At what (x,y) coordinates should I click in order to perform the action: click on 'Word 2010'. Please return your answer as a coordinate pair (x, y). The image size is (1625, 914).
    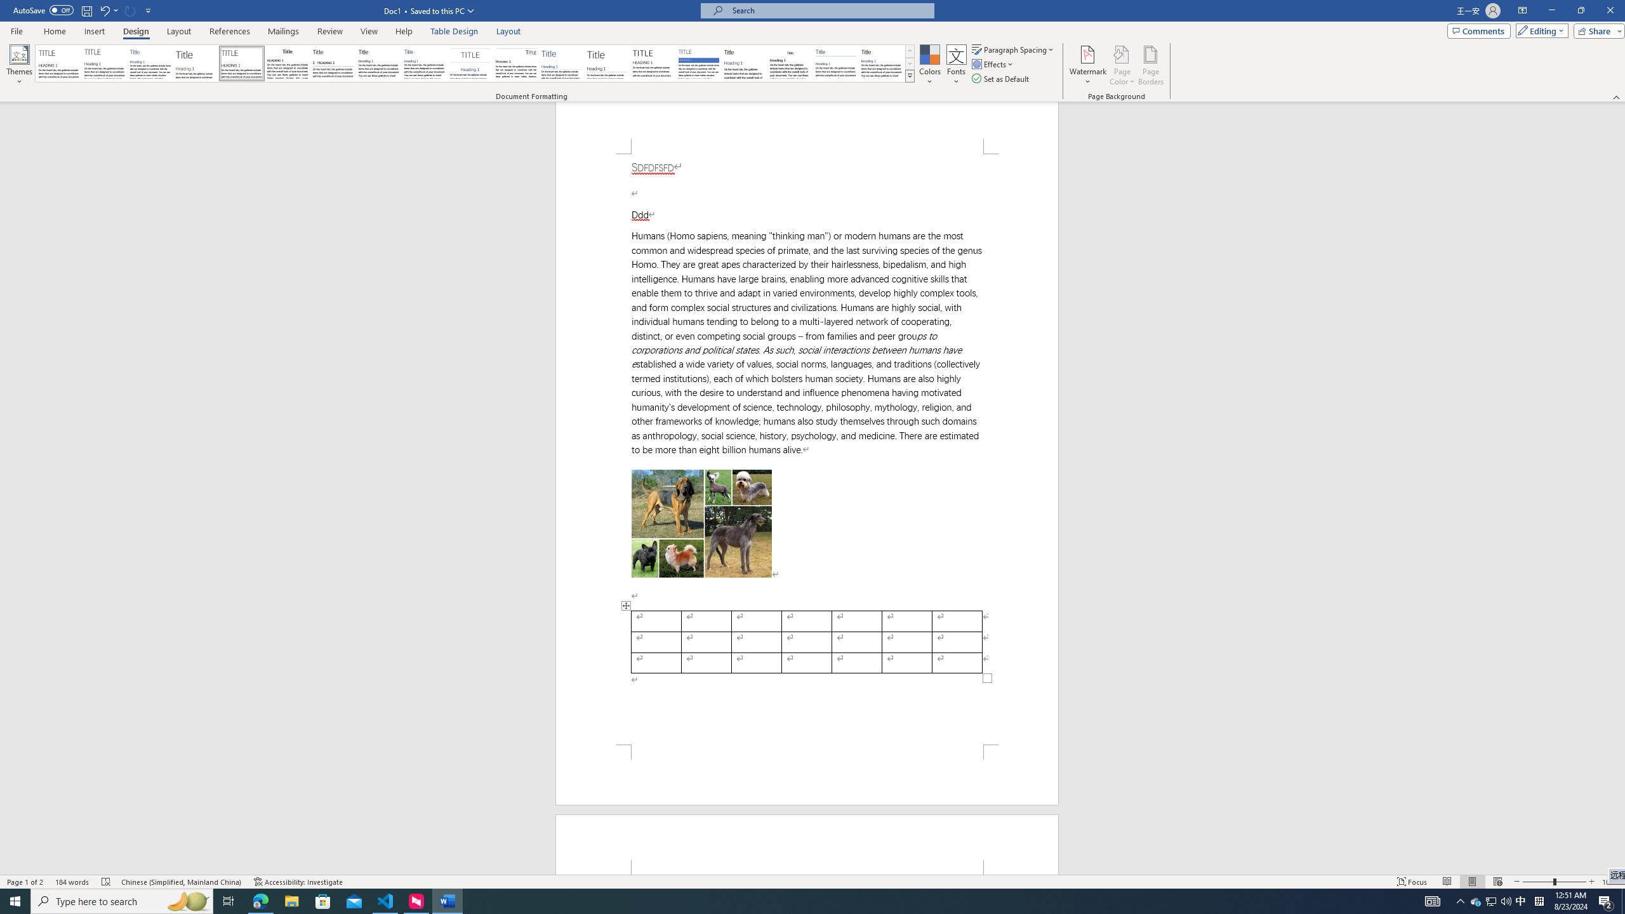
    Looking at the image, I should click on (835, 63).